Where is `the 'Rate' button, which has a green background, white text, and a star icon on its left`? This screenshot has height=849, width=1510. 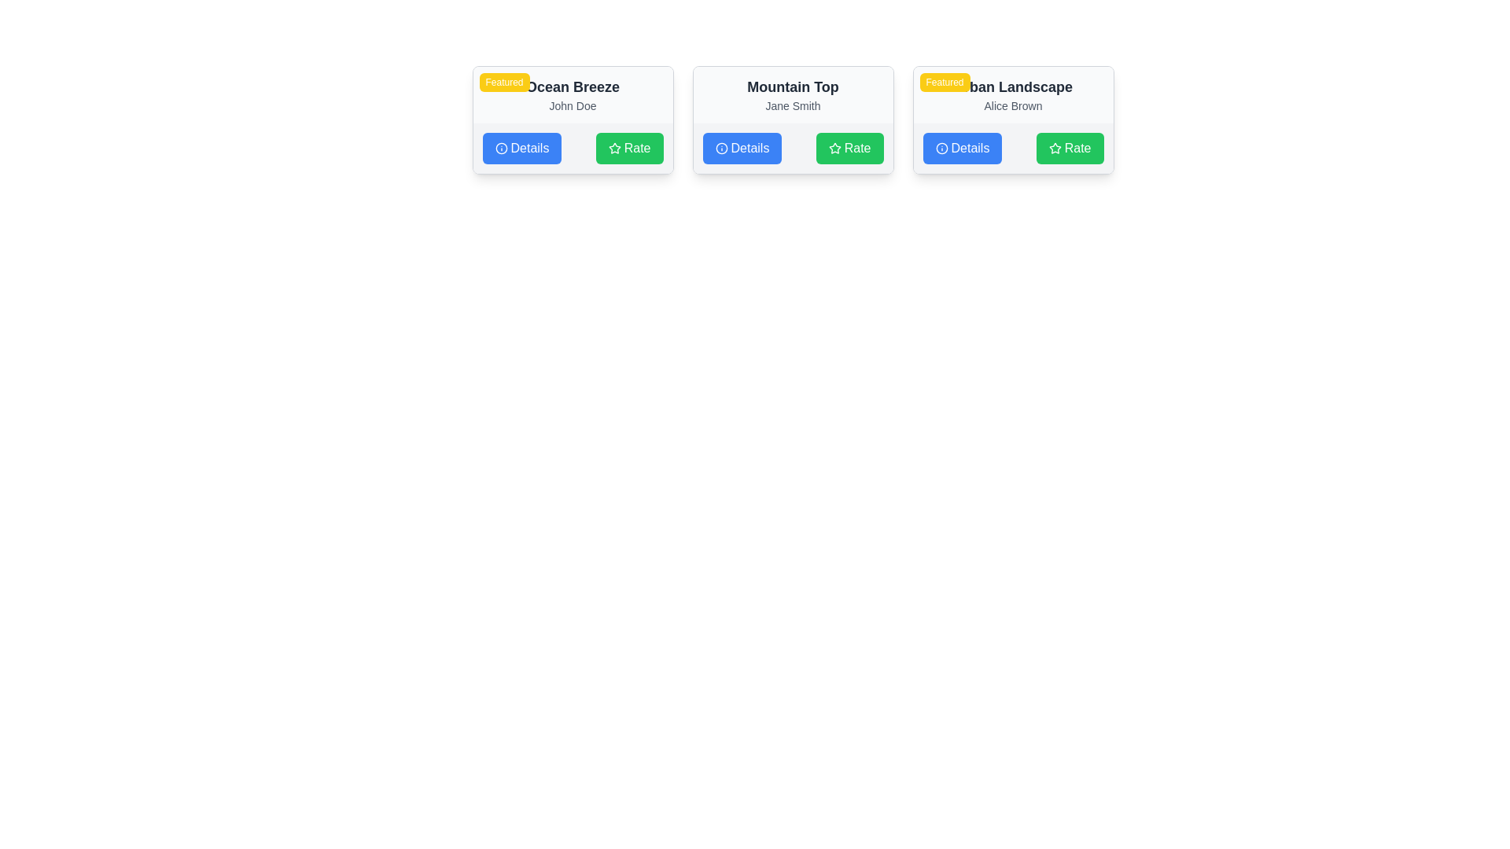 the 'Rate' button, which has a green background, white text, and a star icon on its left is located at coordinates (849, 149).